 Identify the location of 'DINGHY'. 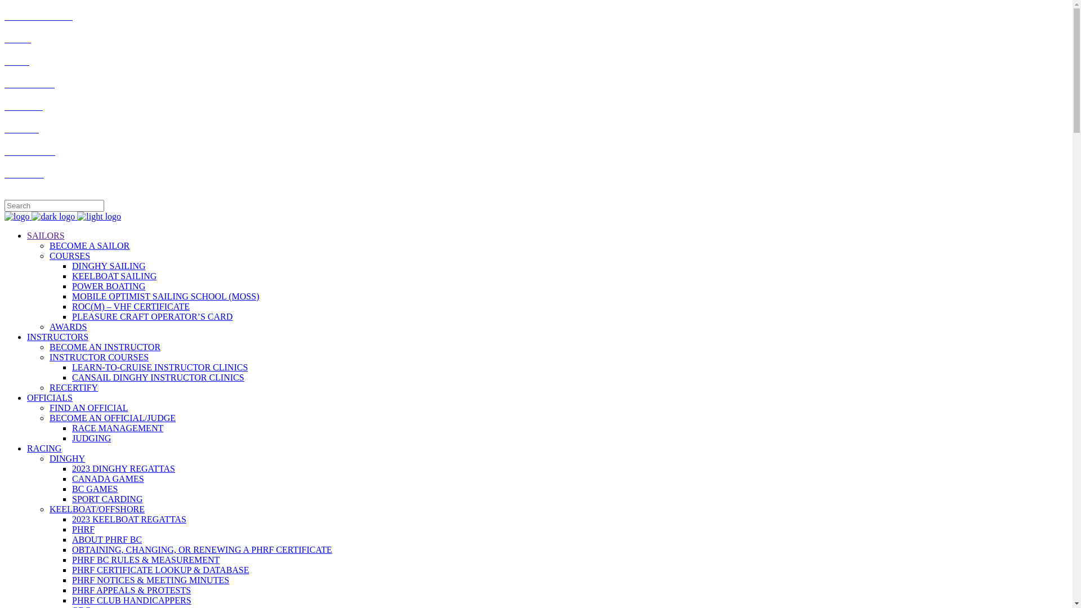
(66, 458).